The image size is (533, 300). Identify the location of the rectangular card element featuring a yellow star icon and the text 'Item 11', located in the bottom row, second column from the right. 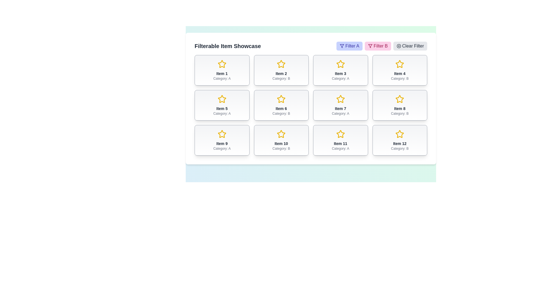
(340, 140).